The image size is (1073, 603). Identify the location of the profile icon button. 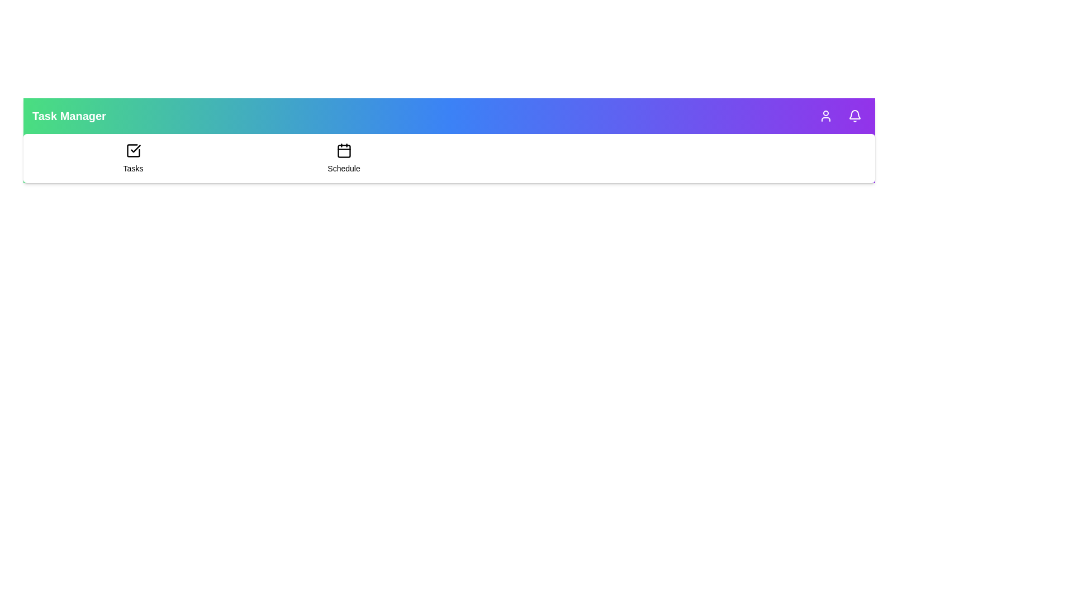
(826, 116).